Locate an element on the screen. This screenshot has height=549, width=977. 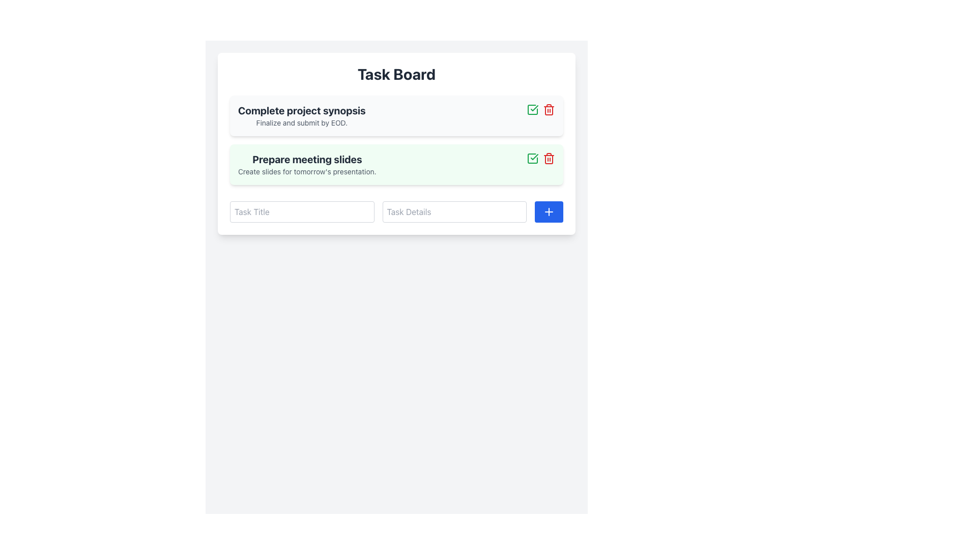
the trash can icon, which is part of the delete icon for the 'Prepare meeting slides' task is located at coordinates (549, 159).